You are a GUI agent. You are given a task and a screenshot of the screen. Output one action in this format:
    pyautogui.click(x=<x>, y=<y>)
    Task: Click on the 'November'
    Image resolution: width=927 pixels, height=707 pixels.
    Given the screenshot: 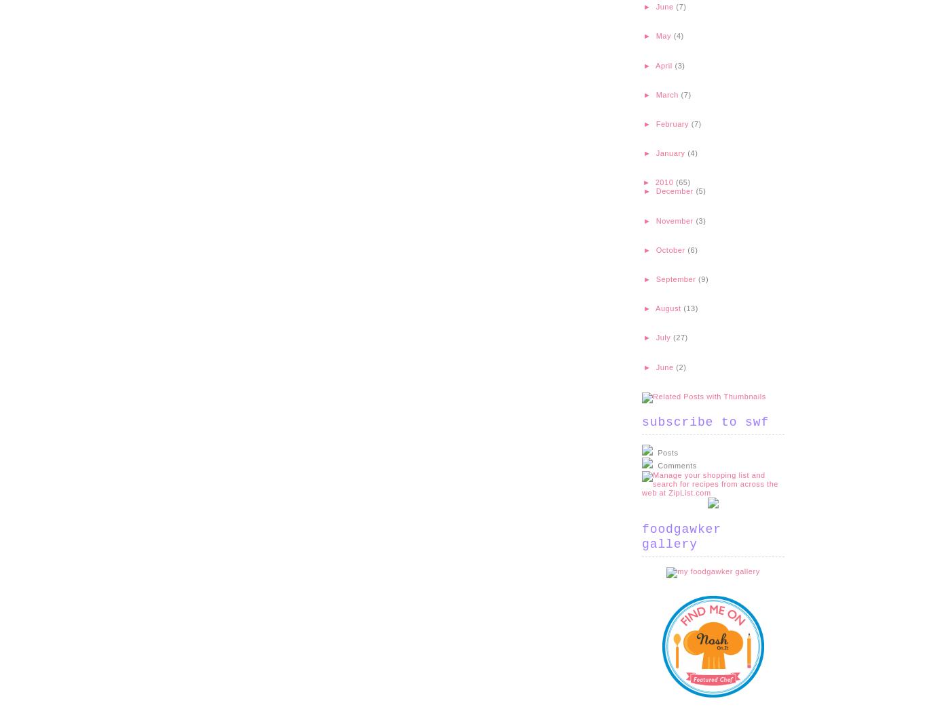 What is the action you would take?
    pyautogui.click(x=675, y=219)
    